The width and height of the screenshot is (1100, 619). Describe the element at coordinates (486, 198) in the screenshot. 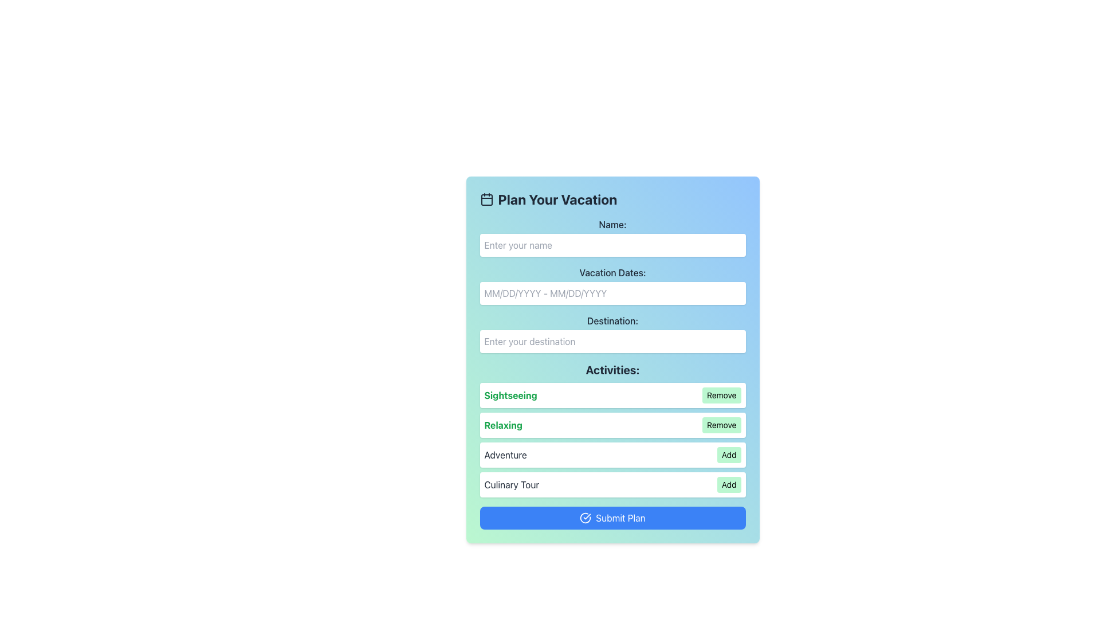

I see `the calendar icon in the title bar, located immediately to the left of the text 'Plan Your Vacation'` at that location.